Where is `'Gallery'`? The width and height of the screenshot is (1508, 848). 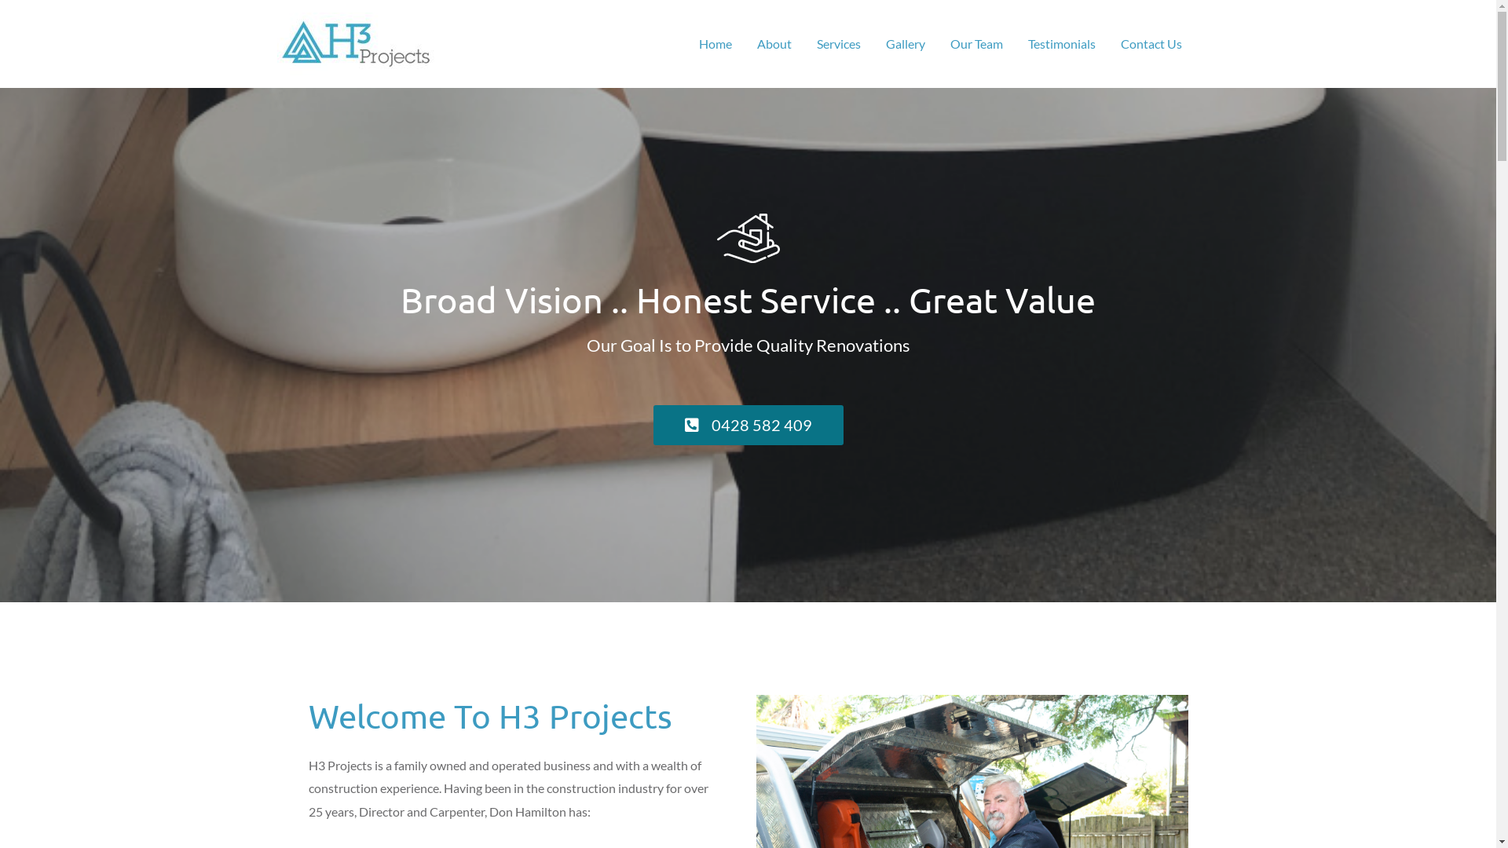
'Gallery' is located at coordinates (905, 43).